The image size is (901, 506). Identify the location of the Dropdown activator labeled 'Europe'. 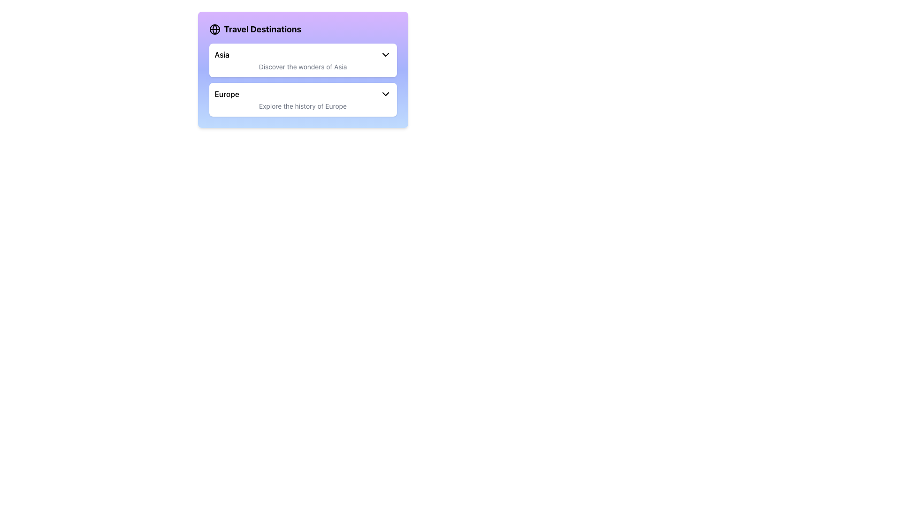
(303, 94).